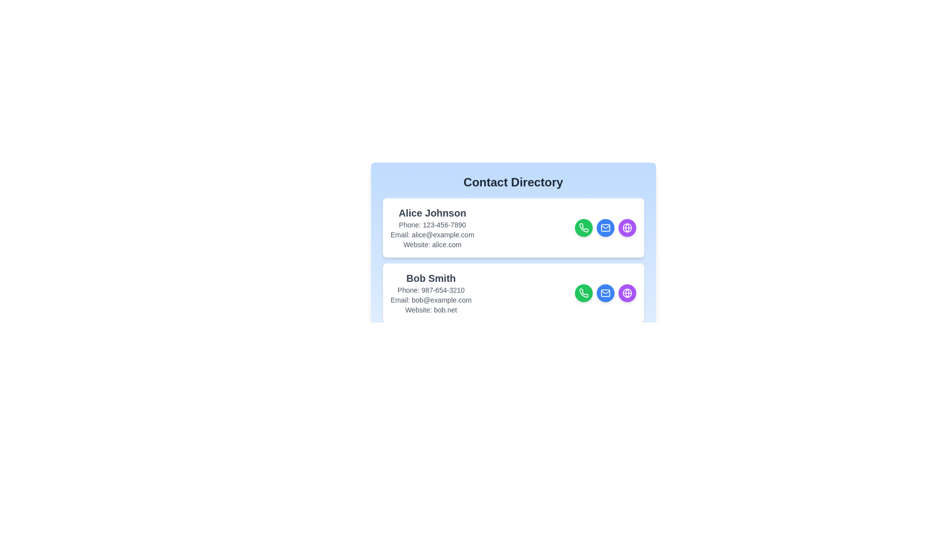  Describe the element at coordinates (432, 244) in the screenshot. I see `the text 'Website' within the contact card of 'Alice Johnson'` at that location.